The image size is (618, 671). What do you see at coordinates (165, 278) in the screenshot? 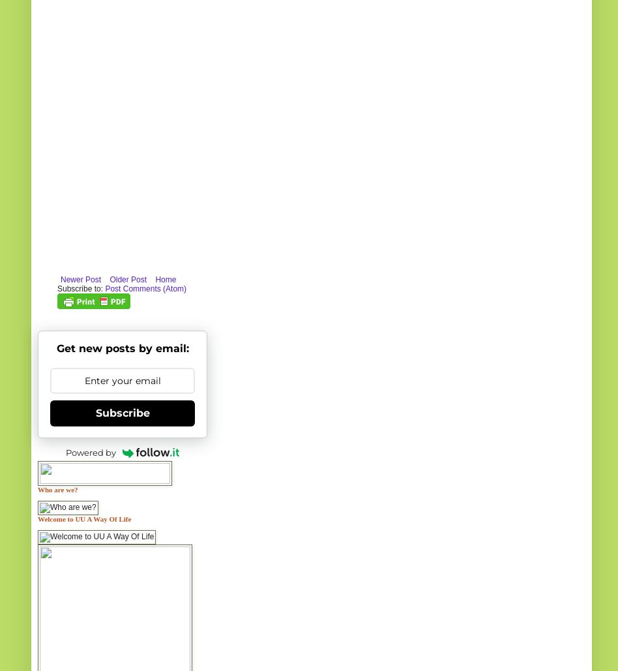
I see `'Home'` at bounding box center [165, 278].